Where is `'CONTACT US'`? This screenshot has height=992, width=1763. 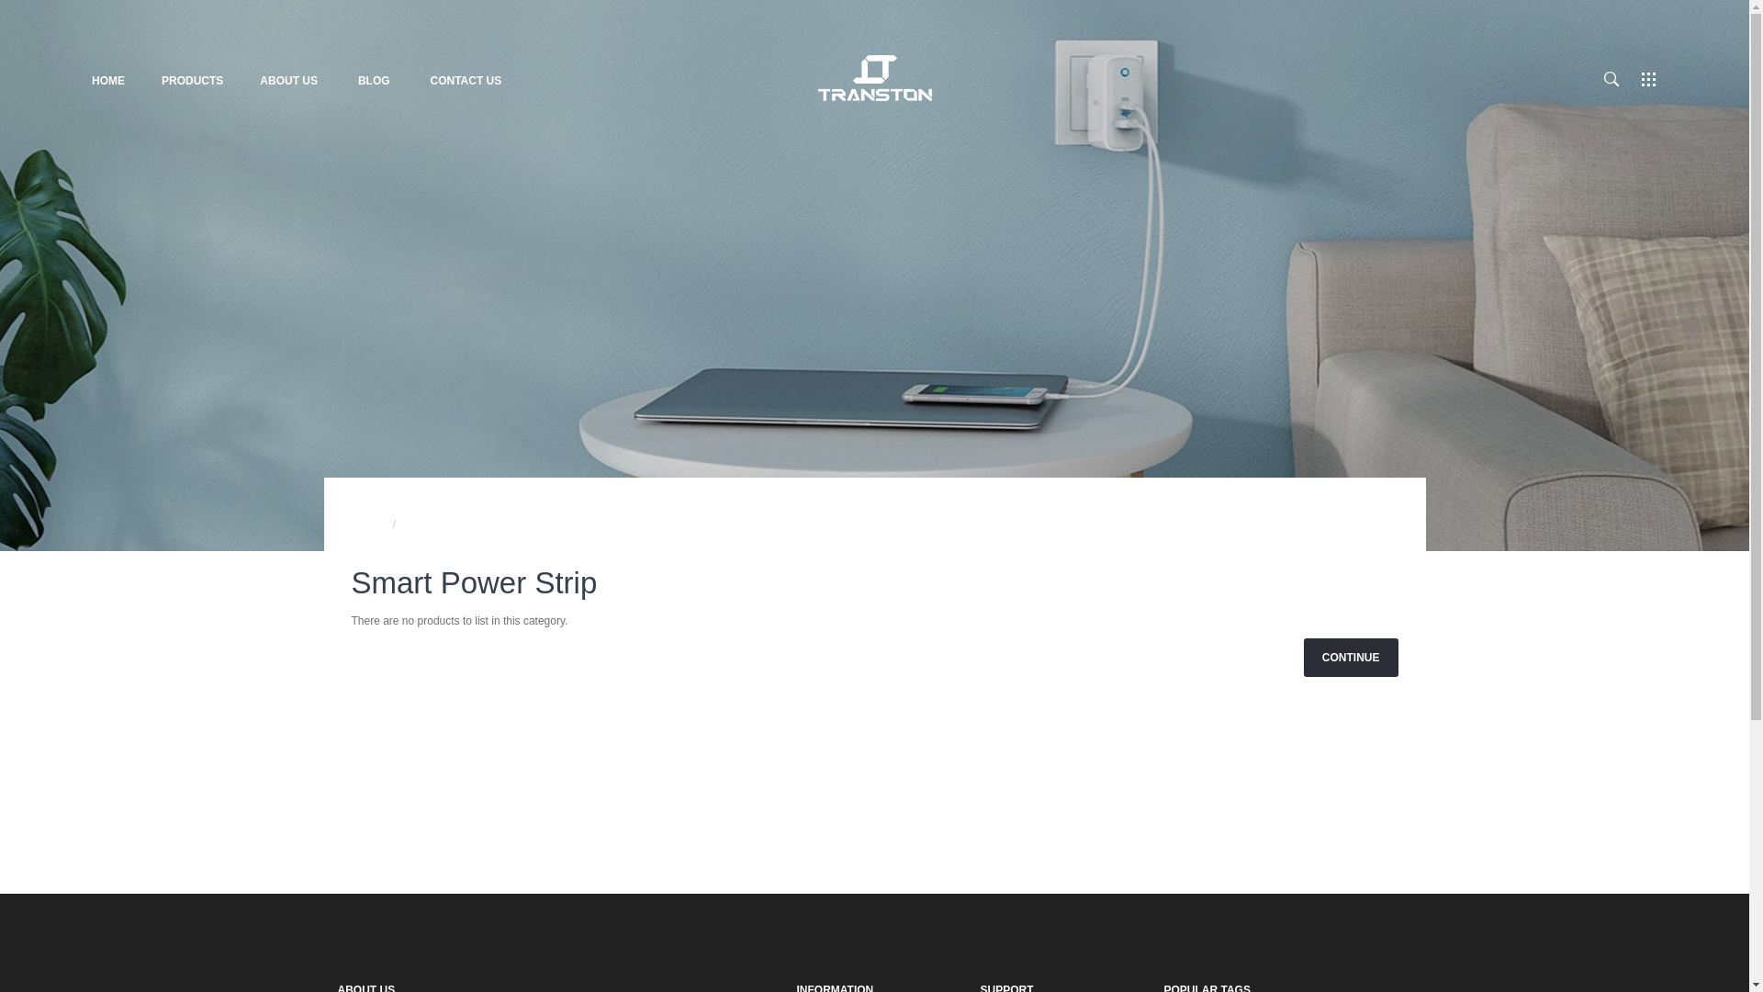
'CONTACT US' is located at coordinates (466, 80).